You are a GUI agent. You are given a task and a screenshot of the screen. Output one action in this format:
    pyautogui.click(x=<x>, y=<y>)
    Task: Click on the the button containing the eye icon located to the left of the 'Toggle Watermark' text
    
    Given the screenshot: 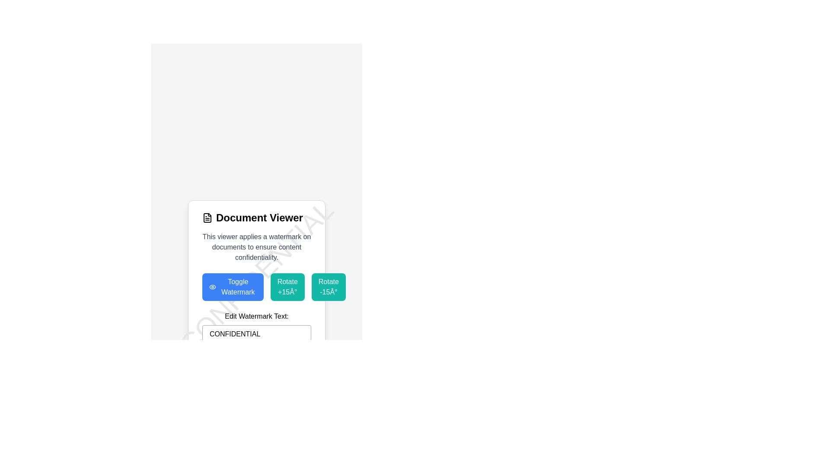 What is the action you would take?
    pyautogui.click(x=212, y=287)
    